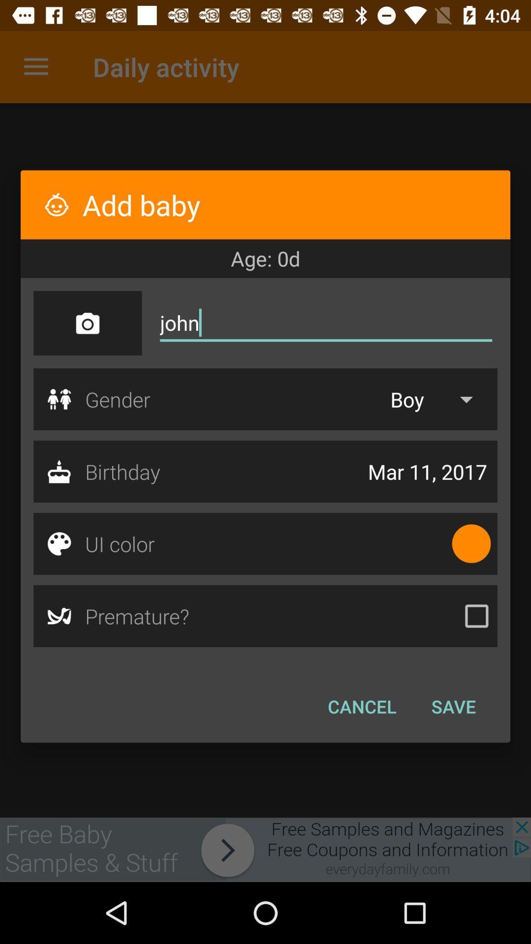 The image size is (531, 944). What do you see at coordinates (87, 323) in the screenshot?
I see `camera to take image` at bounding box center [87, 323].